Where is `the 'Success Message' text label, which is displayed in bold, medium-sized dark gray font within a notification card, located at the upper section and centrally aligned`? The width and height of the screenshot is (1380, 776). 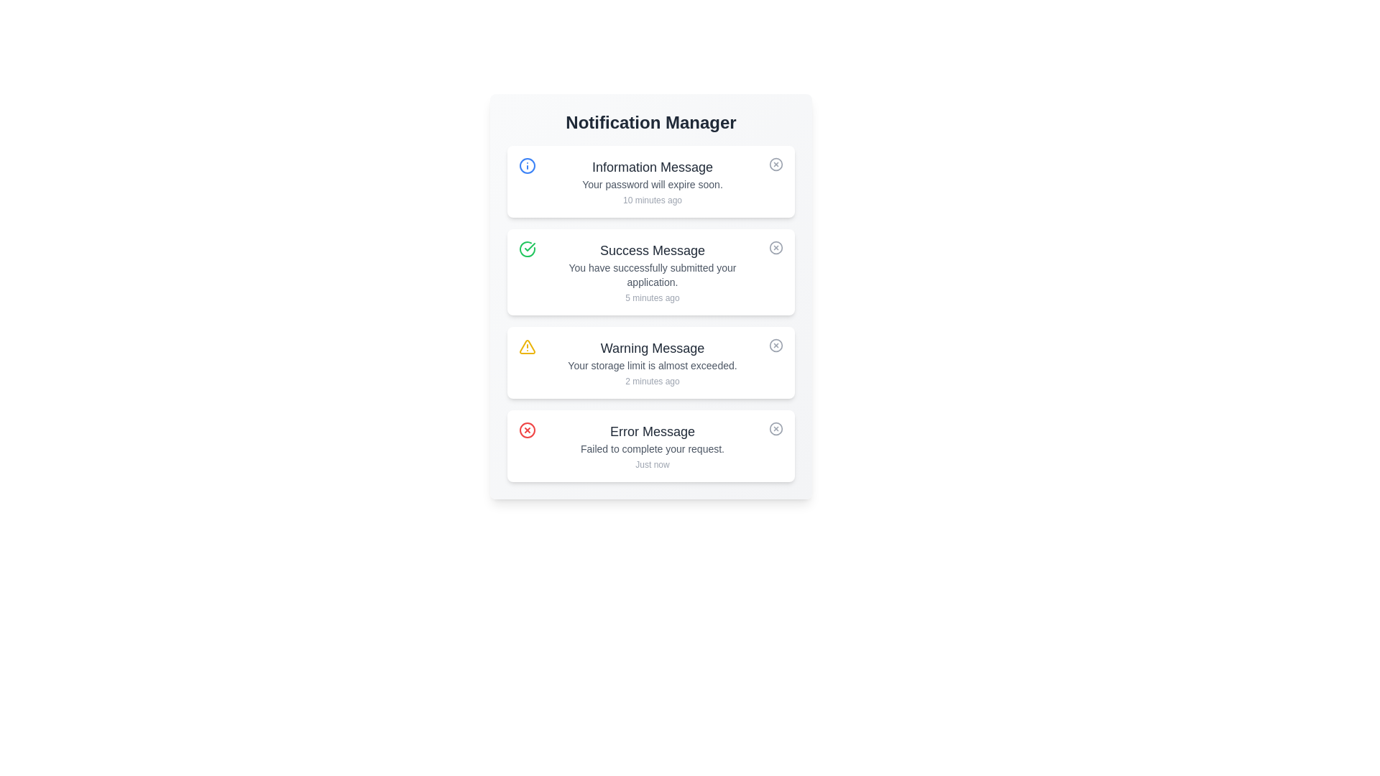 the 'Success Message' text label, which is displayed in bold, medium-sized dark gray font within a notification card, located at the upper section and centrally aligned is located at coordinates (651, 249).